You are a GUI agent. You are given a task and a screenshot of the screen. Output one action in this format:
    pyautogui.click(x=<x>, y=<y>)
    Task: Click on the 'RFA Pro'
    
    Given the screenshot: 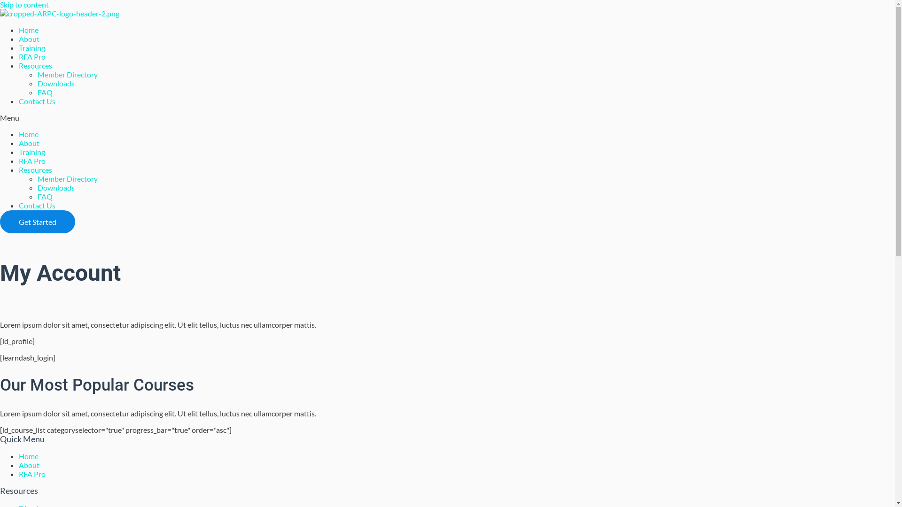 What is the action you would take?
    pyautogui.click(x=32, y=56)
    